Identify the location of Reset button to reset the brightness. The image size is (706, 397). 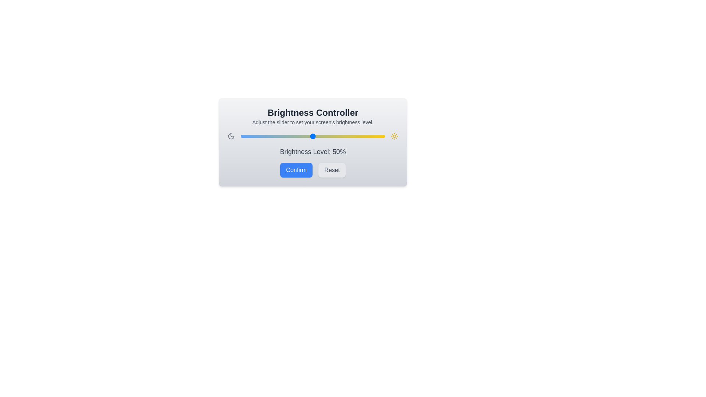
(331, 170).